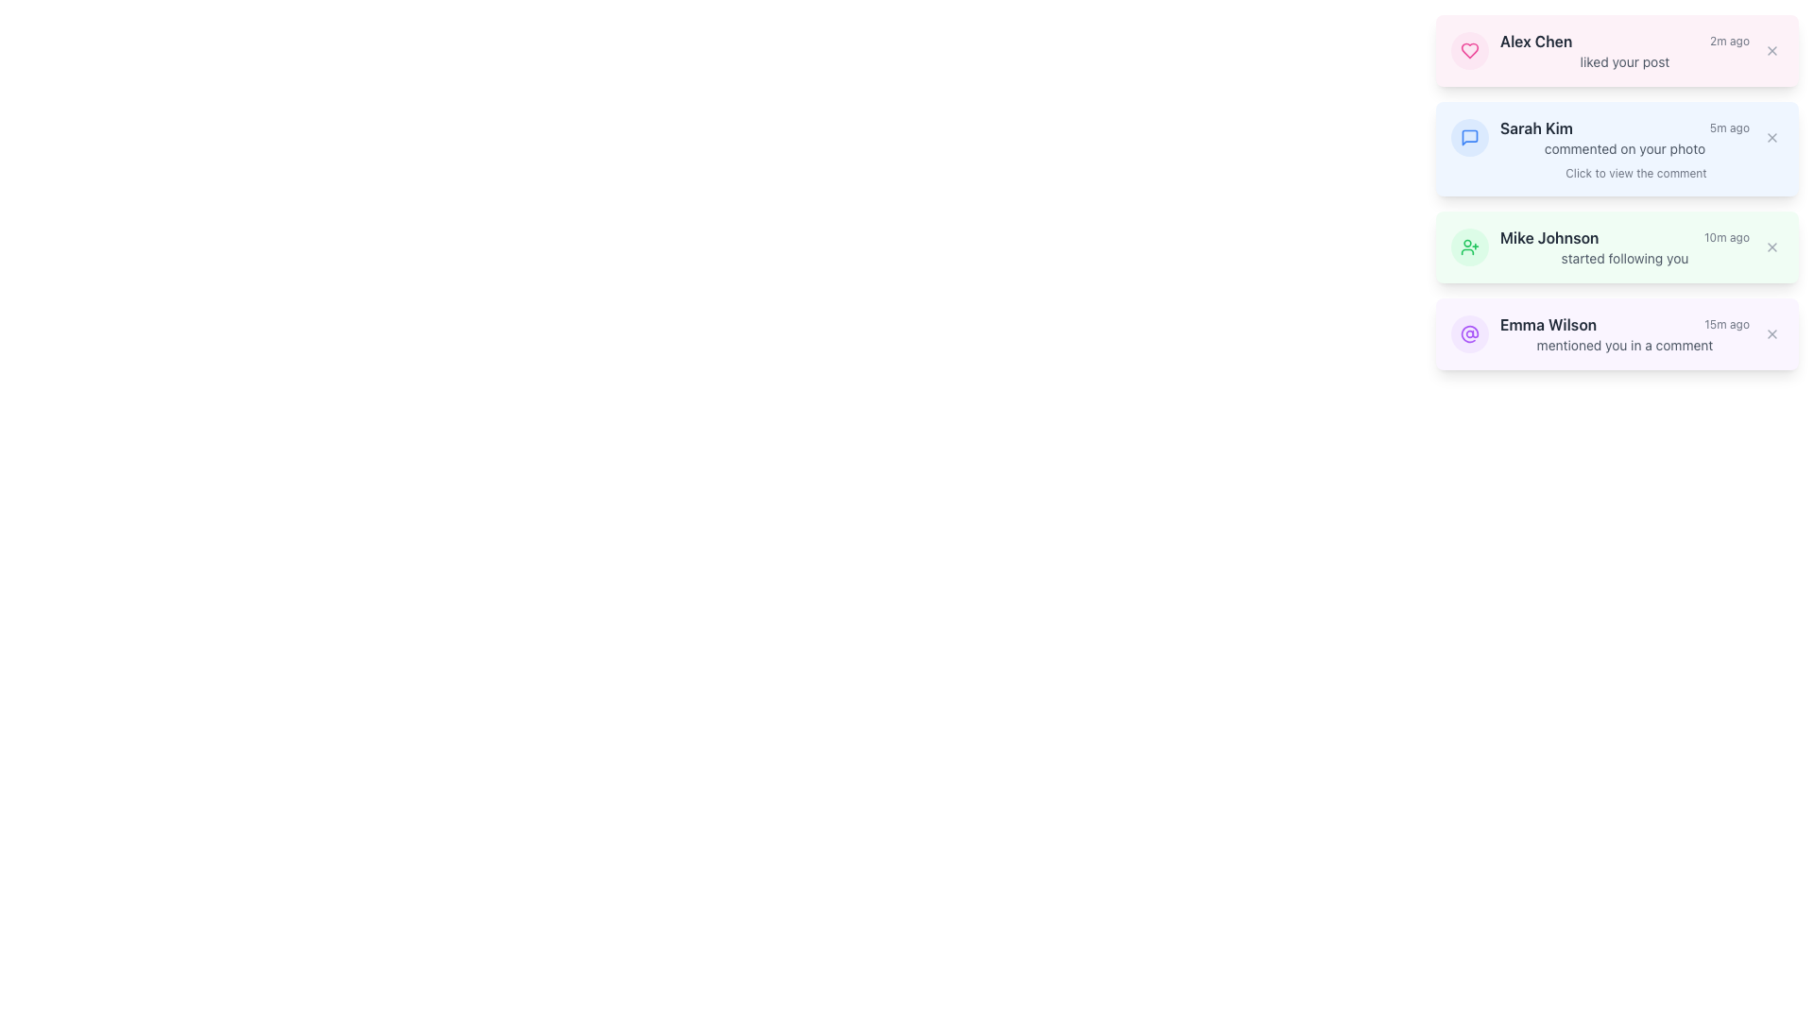 Image resolution: width=1814 pixels, height=1020 pixels. I want to click on the static text displaying the elapsed time since the notification was created, located at the top right corner of the notification card for user 'Sarah Kim', so click(1729, 127).